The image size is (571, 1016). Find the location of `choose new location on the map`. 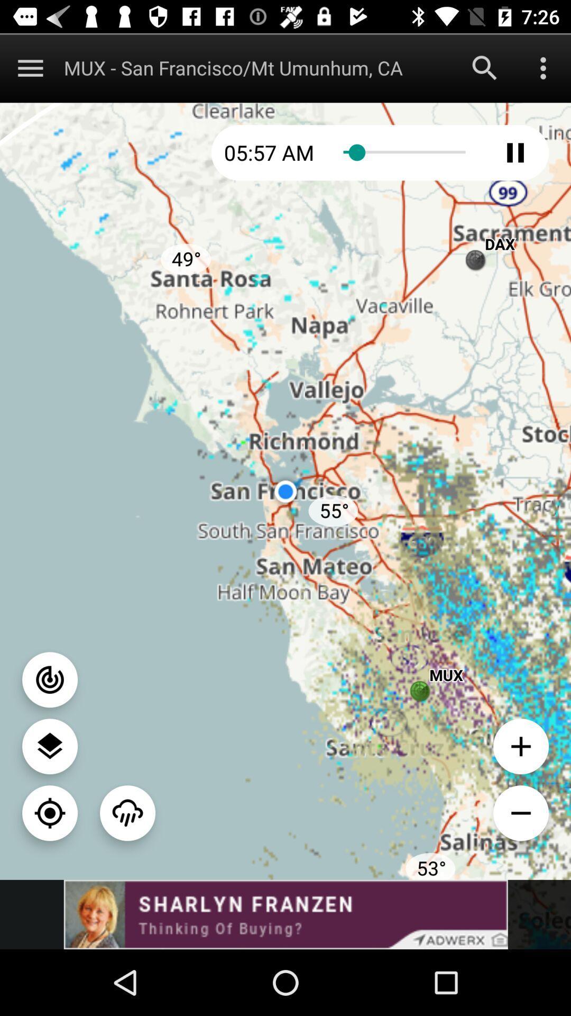

choose new location on the map is located at coordinates (50, 812).